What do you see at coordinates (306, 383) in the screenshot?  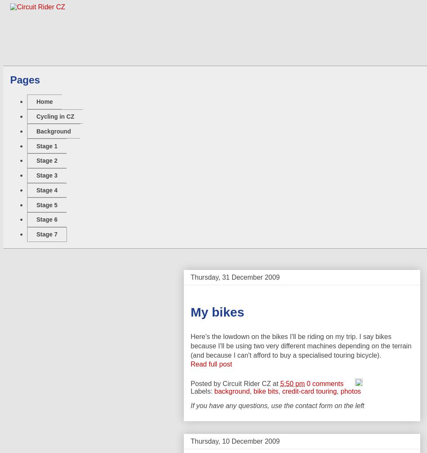 I see `'0
comments'` at bounding box center [306, 383].